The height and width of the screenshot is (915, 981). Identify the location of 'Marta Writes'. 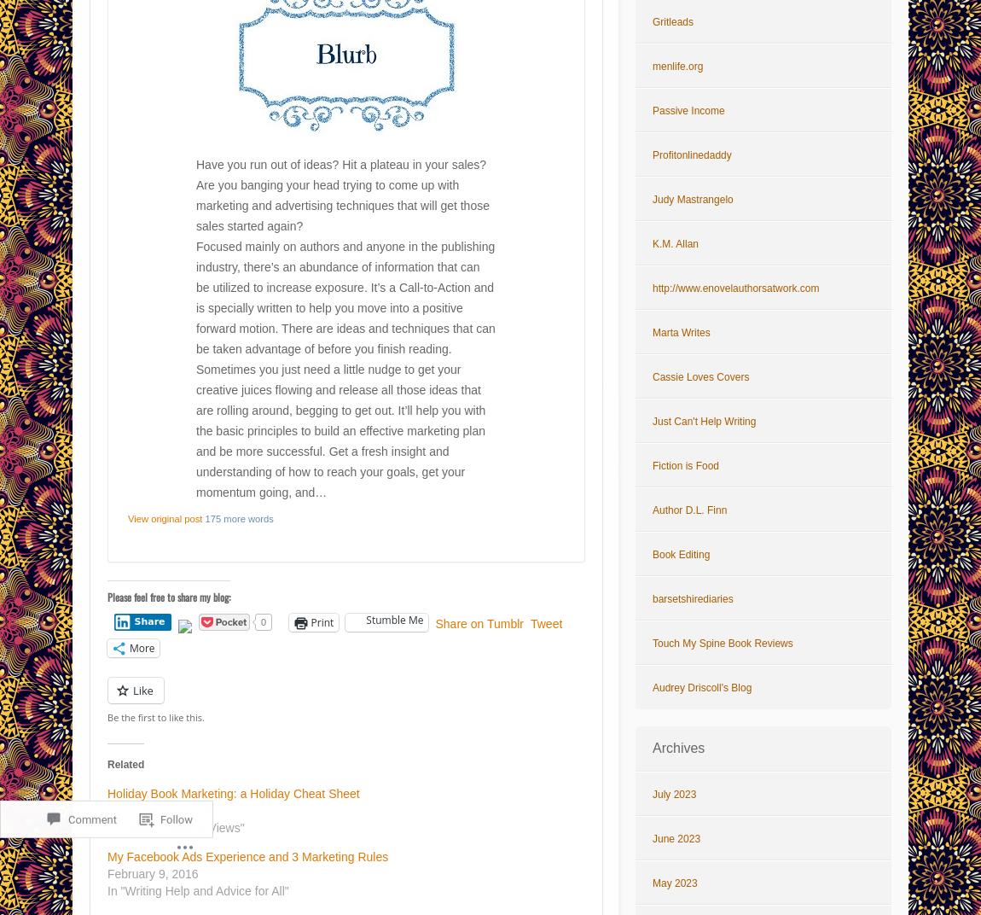
(680, 332).